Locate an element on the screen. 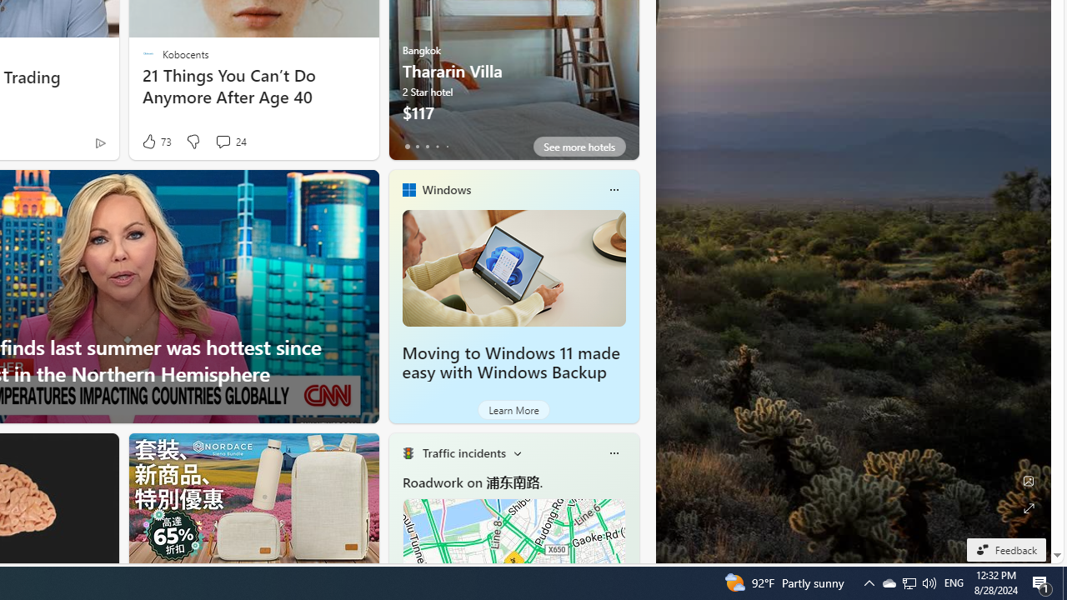  'tab-2' is located at coordinates (427, 146).